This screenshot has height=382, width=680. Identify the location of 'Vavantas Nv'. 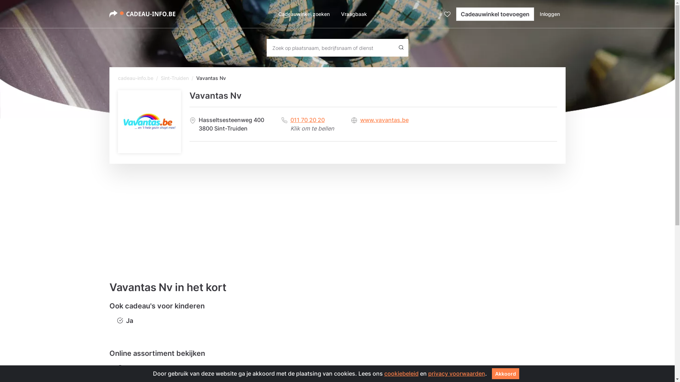
(149, 121).